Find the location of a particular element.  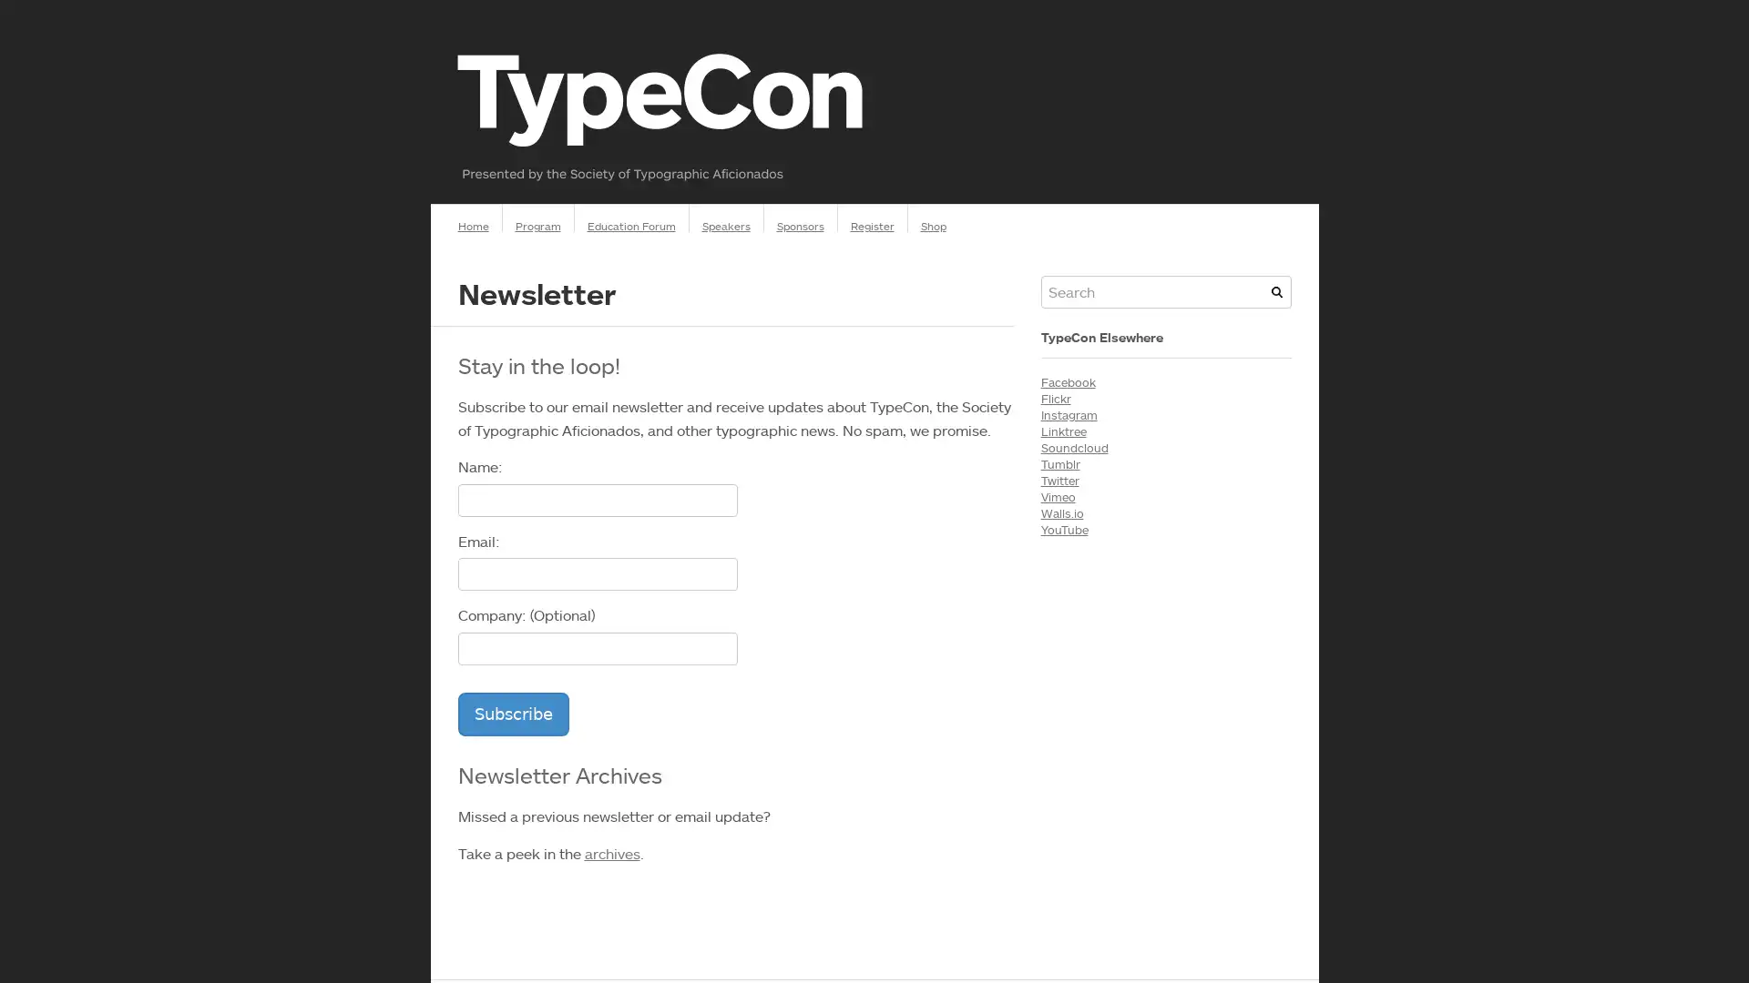

Subscribe is located at coordinates (511, 712).